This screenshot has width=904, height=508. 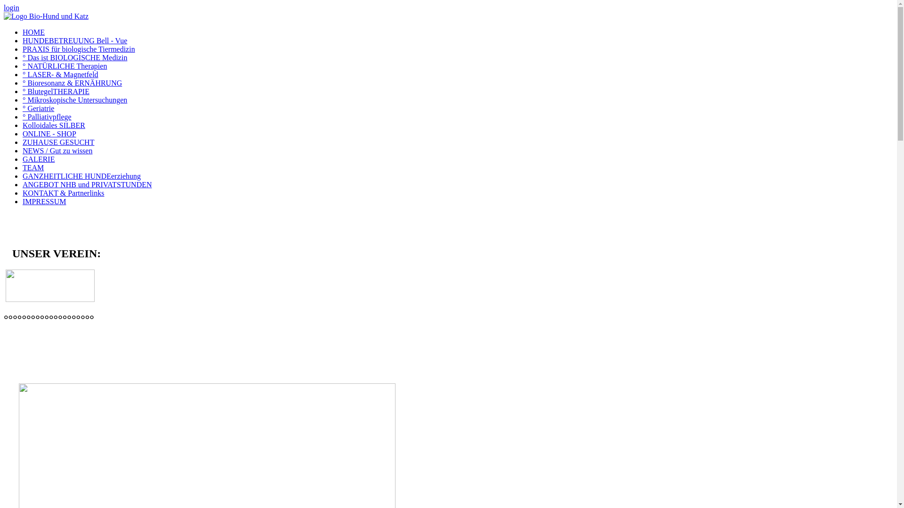 I want to click on 'login', so click(x=11, y=8).